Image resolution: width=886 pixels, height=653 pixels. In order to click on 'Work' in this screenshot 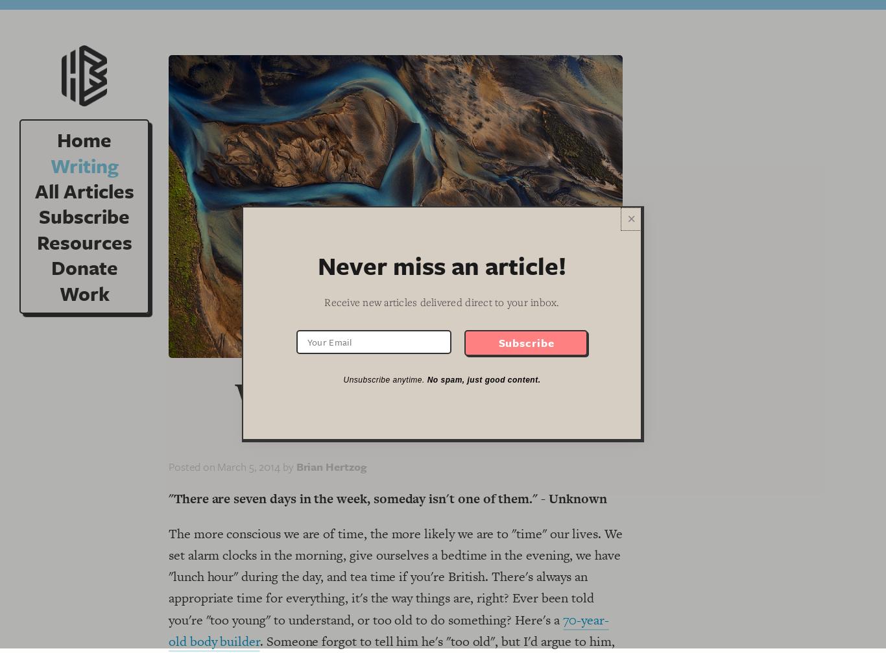, I will do `click(83, 292)`.